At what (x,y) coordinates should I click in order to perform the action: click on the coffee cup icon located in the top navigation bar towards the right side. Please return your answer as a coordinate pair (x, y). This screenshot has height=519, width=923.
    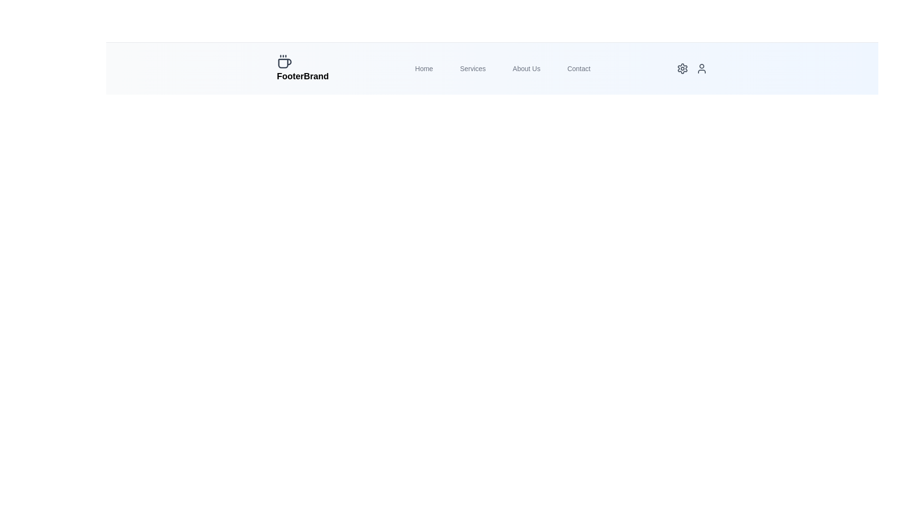
    Looking at the image, I should click on (284, 63).